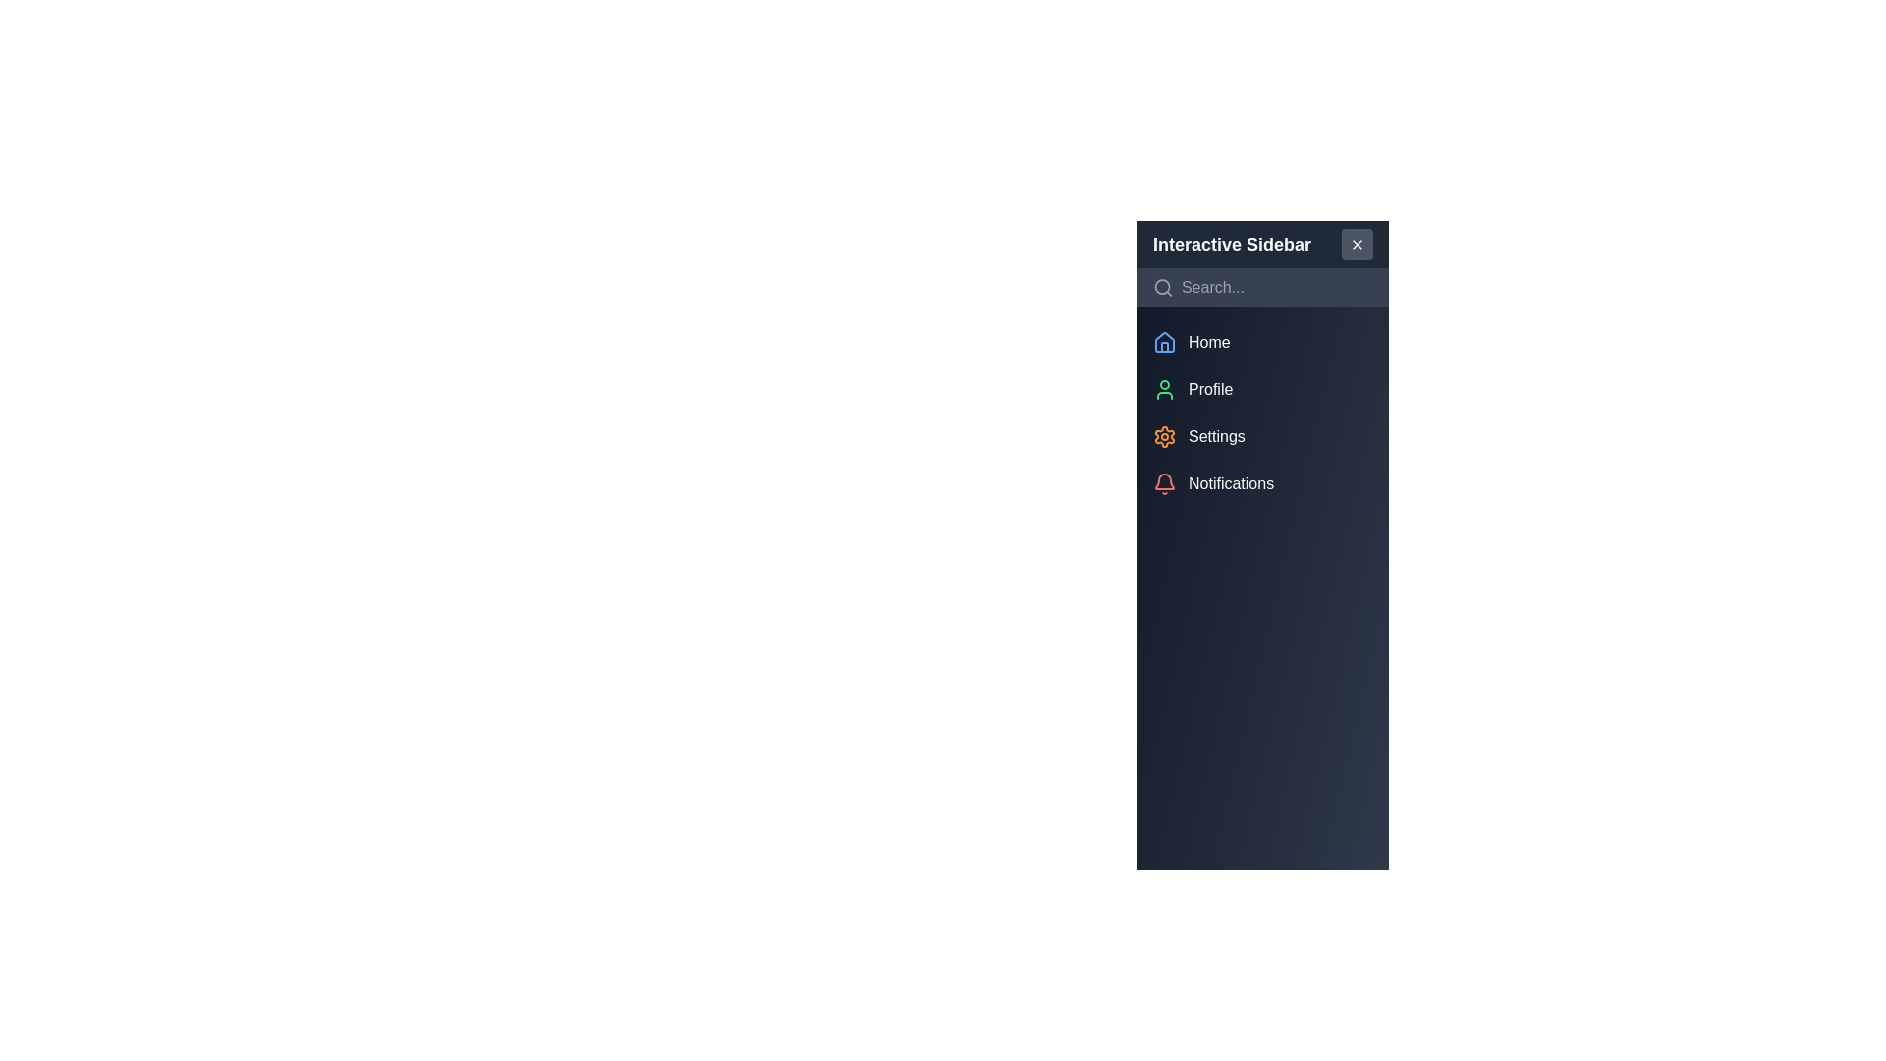  I want to click on the small 'X' icon located in the top-right corner of the sidebar header, so click(1357, 244).